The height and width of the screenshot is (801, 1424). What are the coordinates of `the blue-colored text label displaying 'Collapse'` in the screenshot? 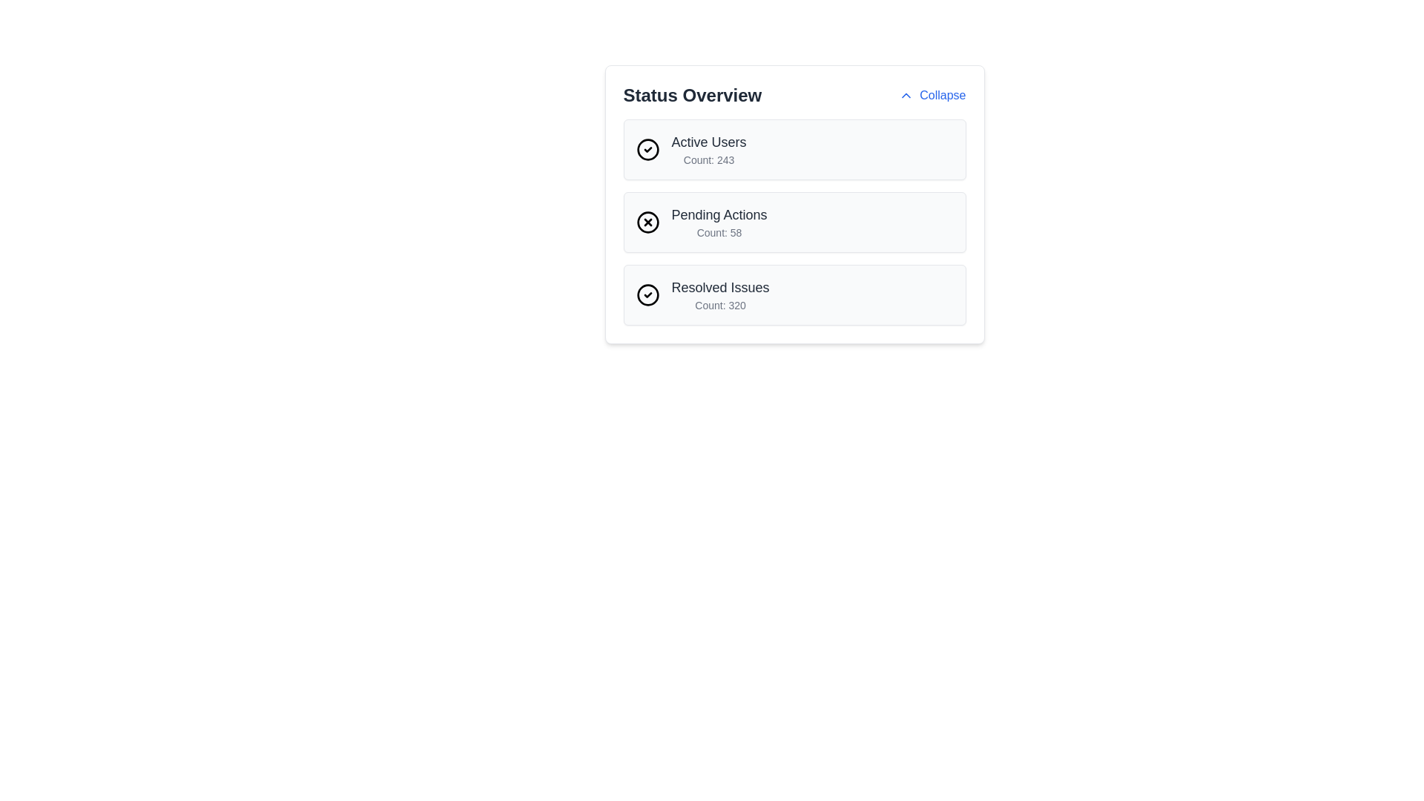 It's located at (942, 95).